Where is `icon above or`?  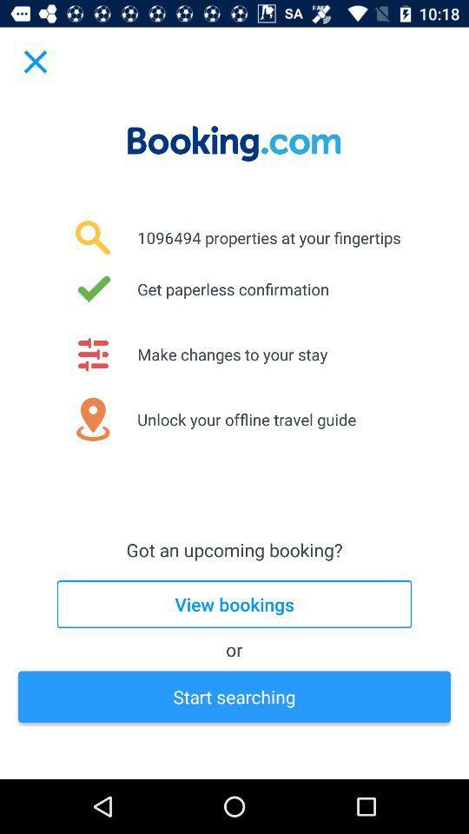 icon above or is located at coordinates (234, 604).